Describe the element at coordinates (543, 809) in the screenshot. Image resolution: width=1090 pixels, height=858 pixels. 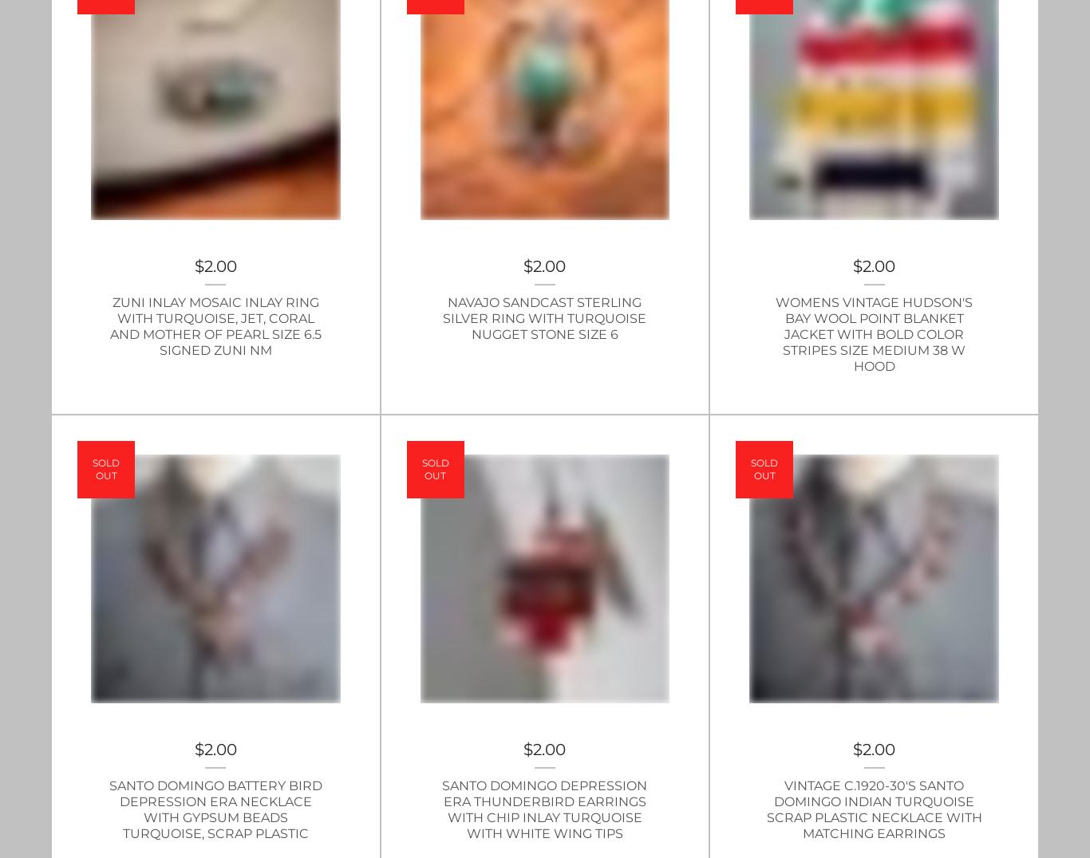
I see `'Santo Domingo Depression Era Thunderbird Earrings with chip inlay Turquoise with white wing tips'` at that location.